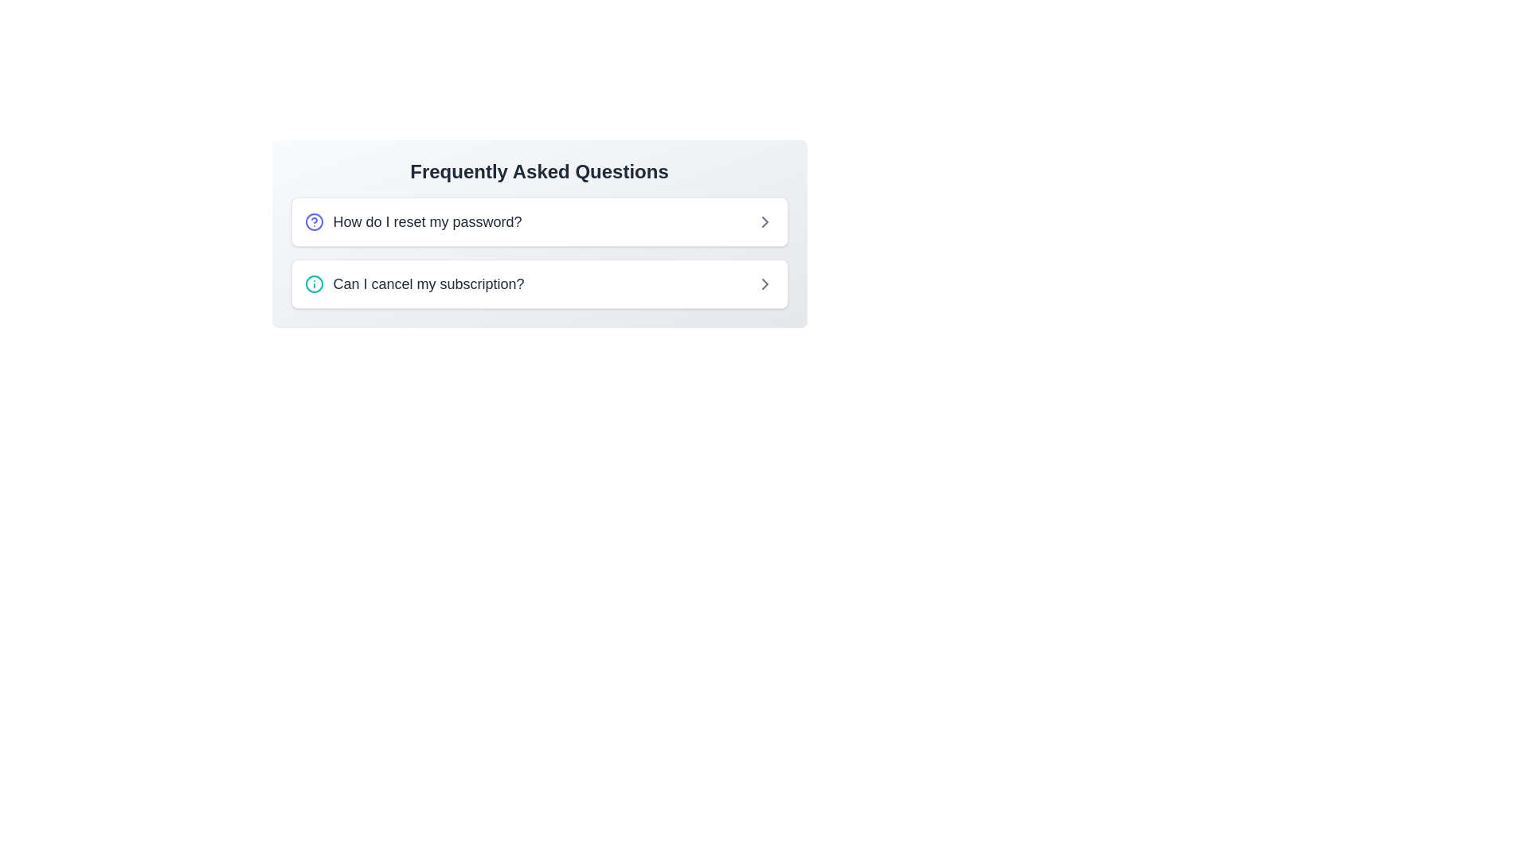 The image size is (1529, 860). I want to click on the circular teal outlined icon with a small dot at the top, located to the left of the text 'Can I cancel my subscription?', so click(314, 283).